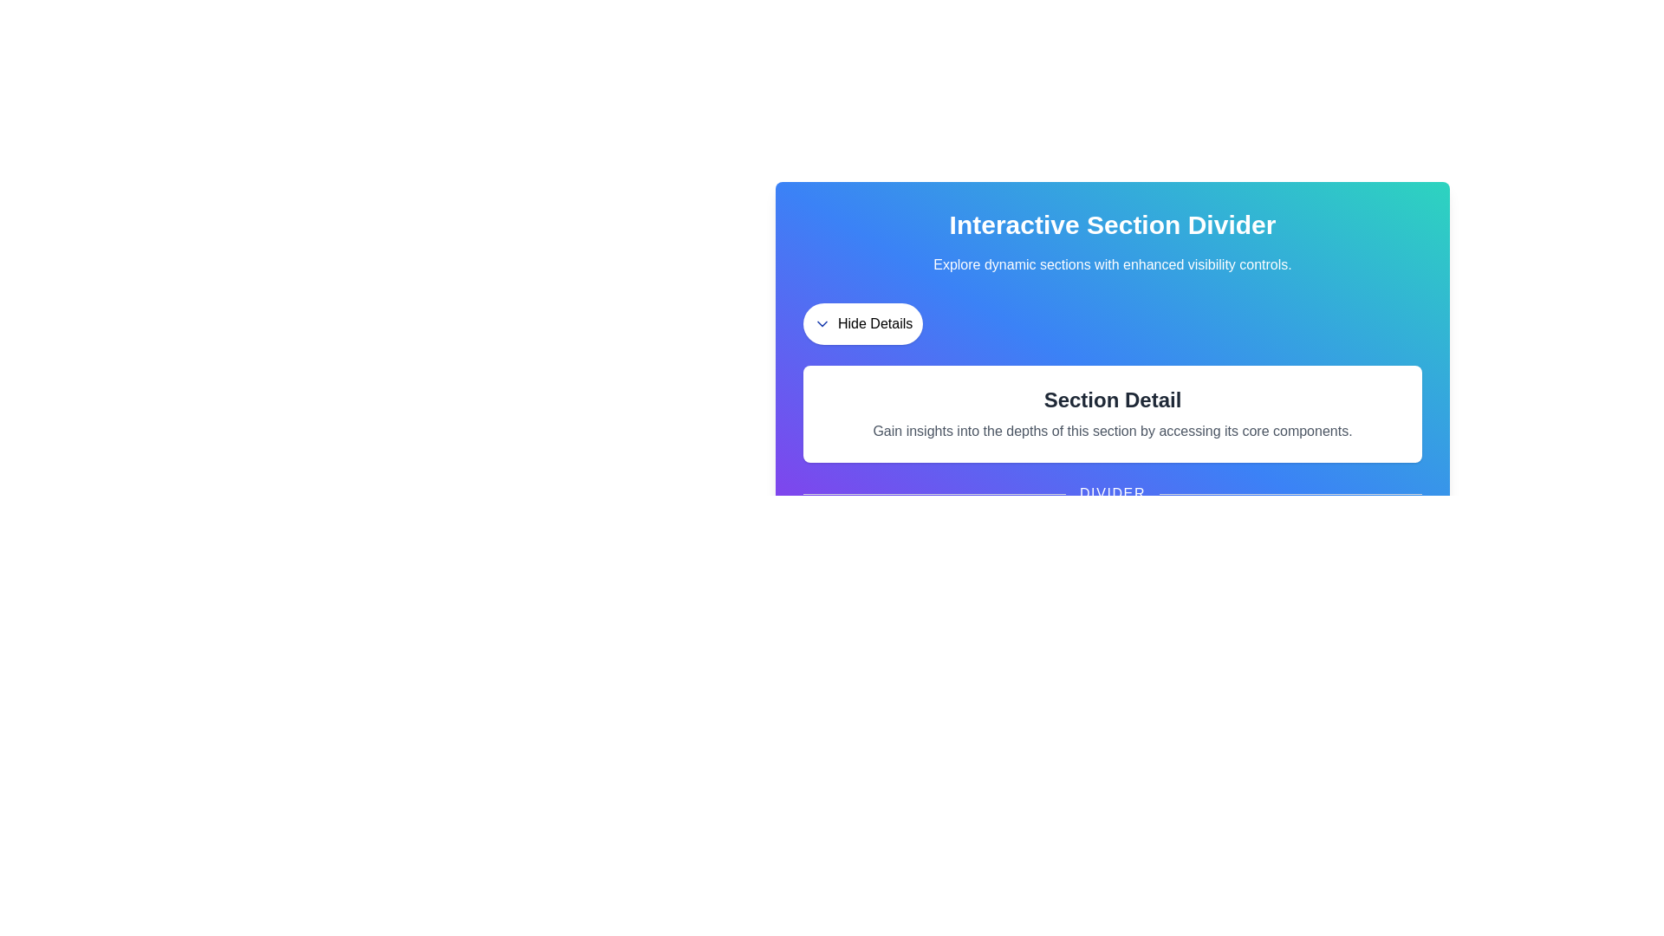 The image size is (1664, 936). Describe the element at coordinates (1112, 430) in the screenshot. I see `the descriptive text element located below the 'Section Detail' section title, which provides additional information about its content or purpose` at that location.